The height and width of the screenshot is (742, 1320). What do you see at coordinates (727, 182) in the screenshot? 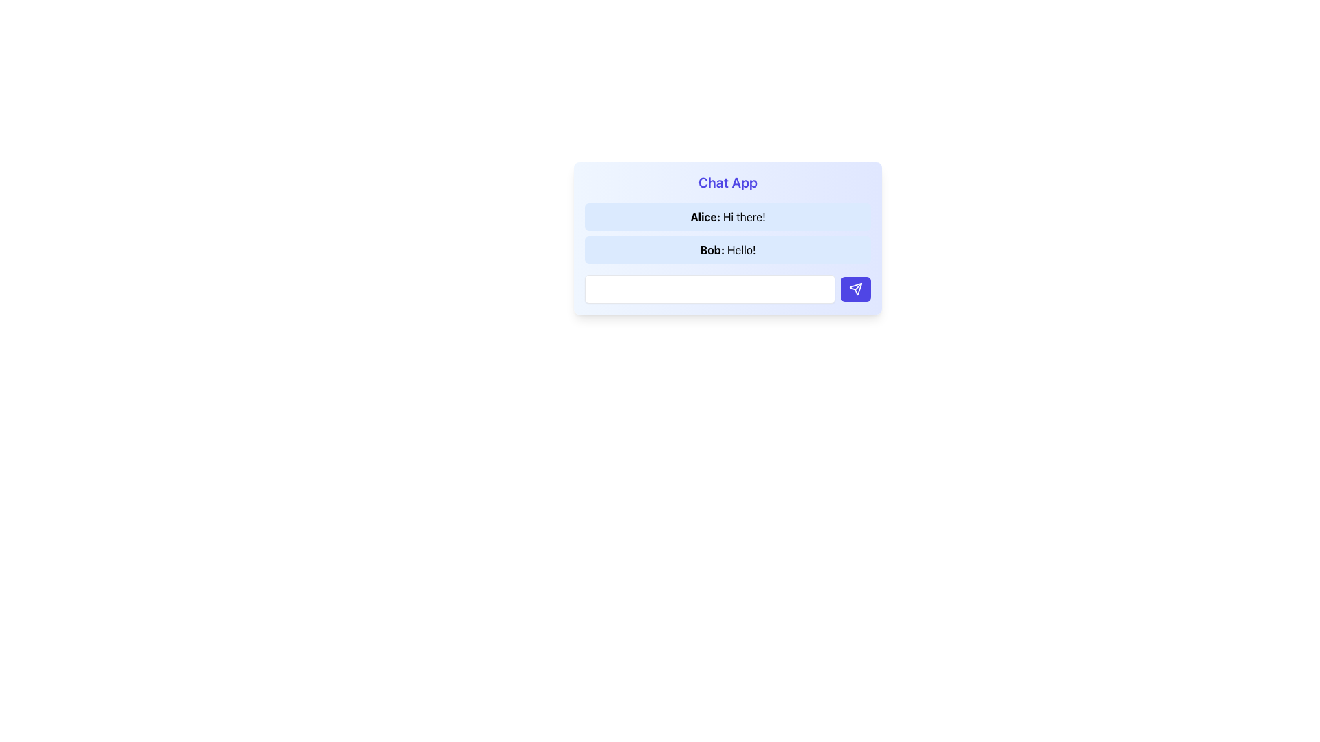
I see `the static text label displaying 'Chat App' in bold, indigo-colored font, centrally aligned within a light gradient background at the top of the dialog box` at bounding box center [727, 182].